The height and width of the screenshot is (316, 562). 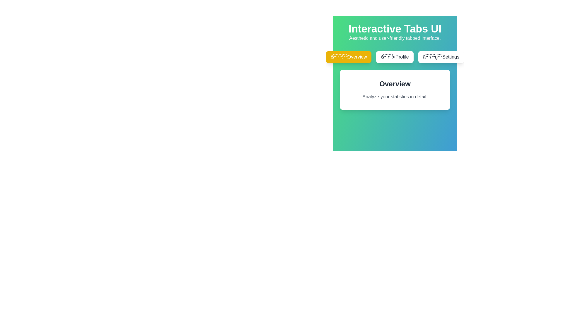 What do you see at coordinates (395, 57) in the screenshot?
I see `the Profile tab to view its content` at bounding box center [395, 57].